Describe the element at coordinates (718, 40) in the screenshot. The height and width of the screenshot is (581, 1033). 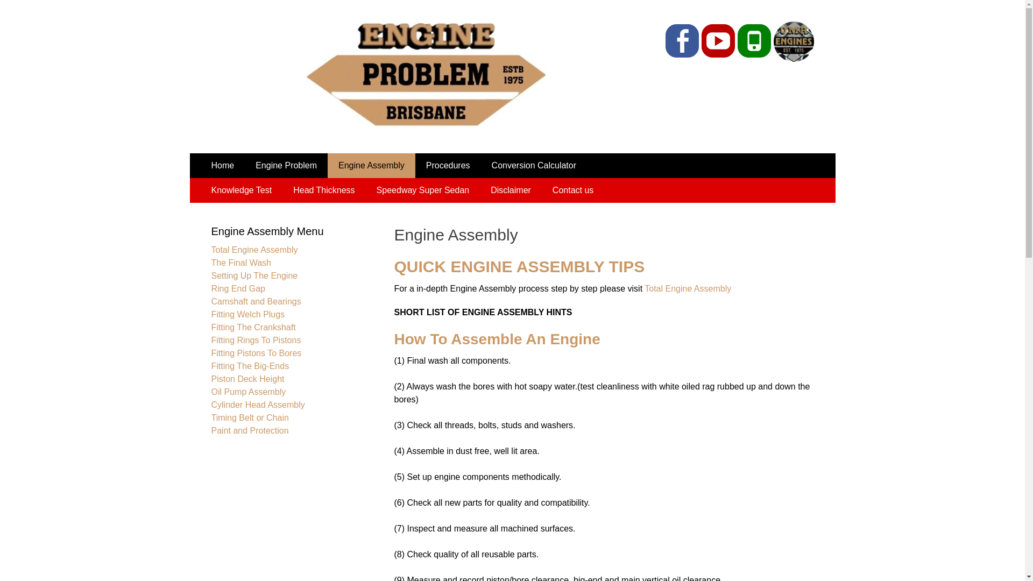
I see `'YouTube'` at that location.